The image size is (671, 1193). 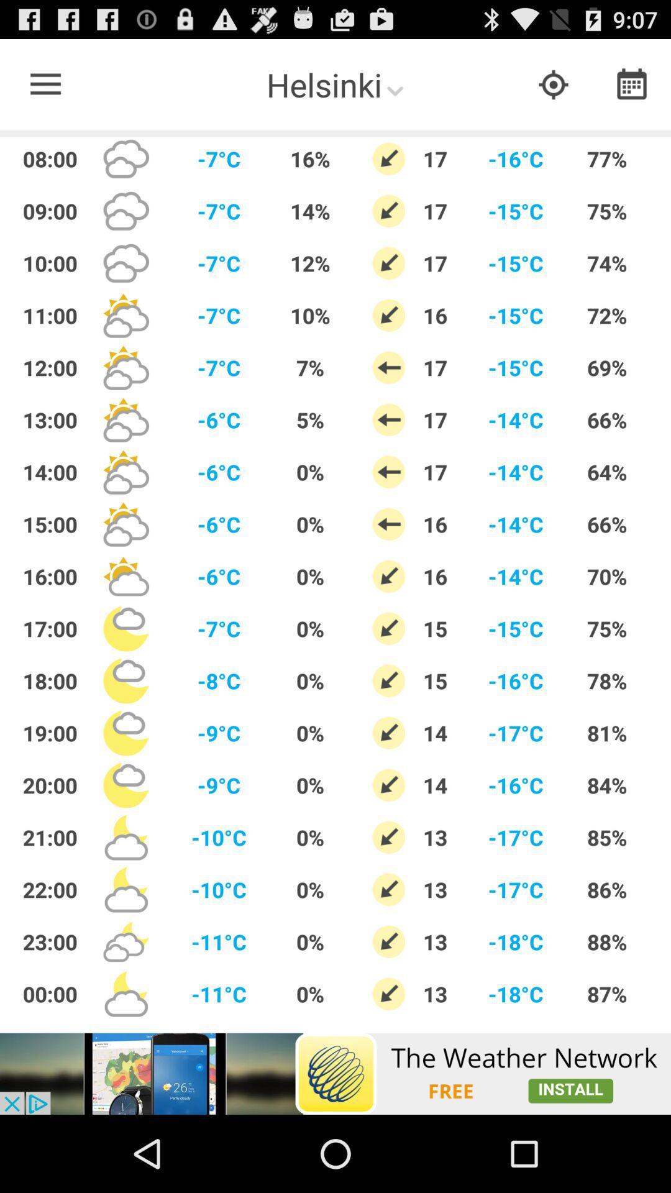 I want to click on advertisement, so click(x=335, y=1073).